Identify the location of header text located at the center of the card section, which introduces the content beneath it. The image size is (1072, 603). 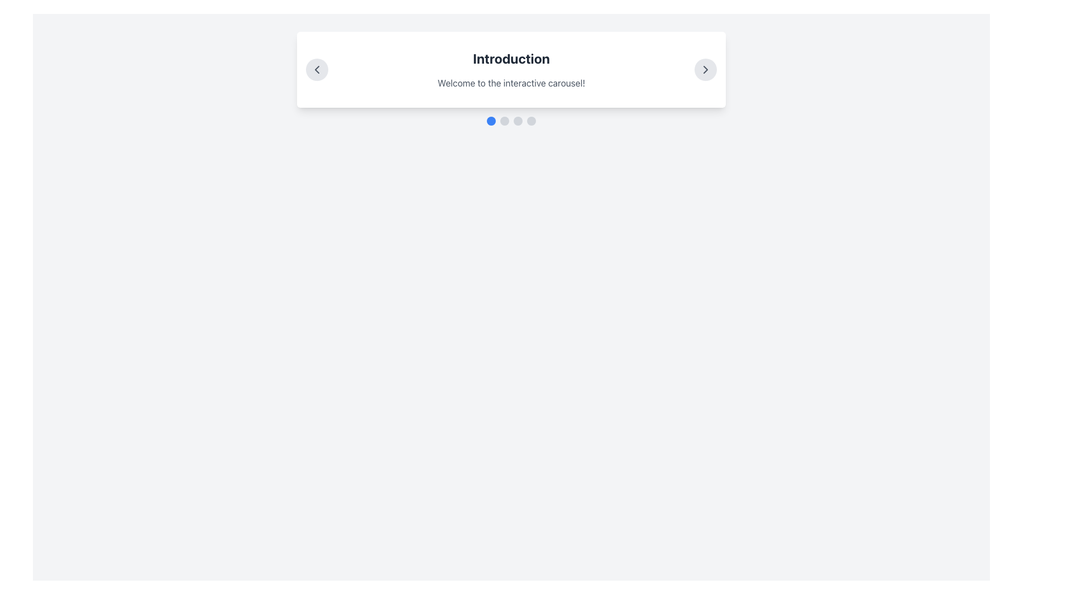
(511, 58).